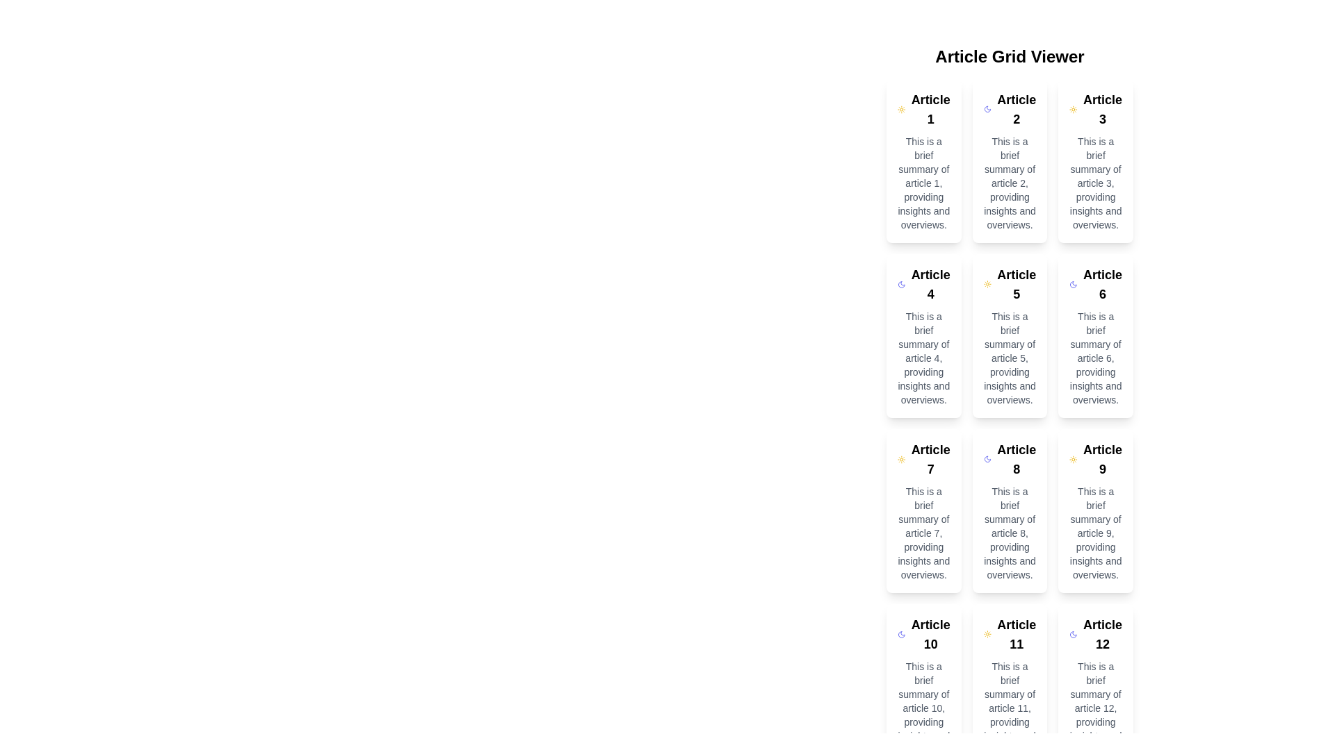 The height and width of the screenshot is (750, 1335). I want to click on static text element that provides a summary or description of the associated article, located below the heading 'Article 4' in the fourth card of the grid layout, so click(923, 358).